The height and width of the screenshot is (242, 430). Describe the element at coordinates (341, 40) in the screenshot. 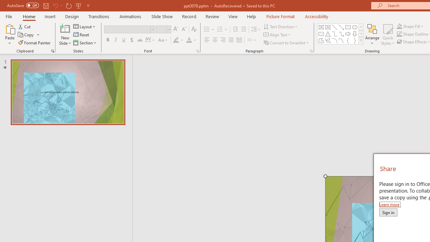

I see `'Curve'` at that location.